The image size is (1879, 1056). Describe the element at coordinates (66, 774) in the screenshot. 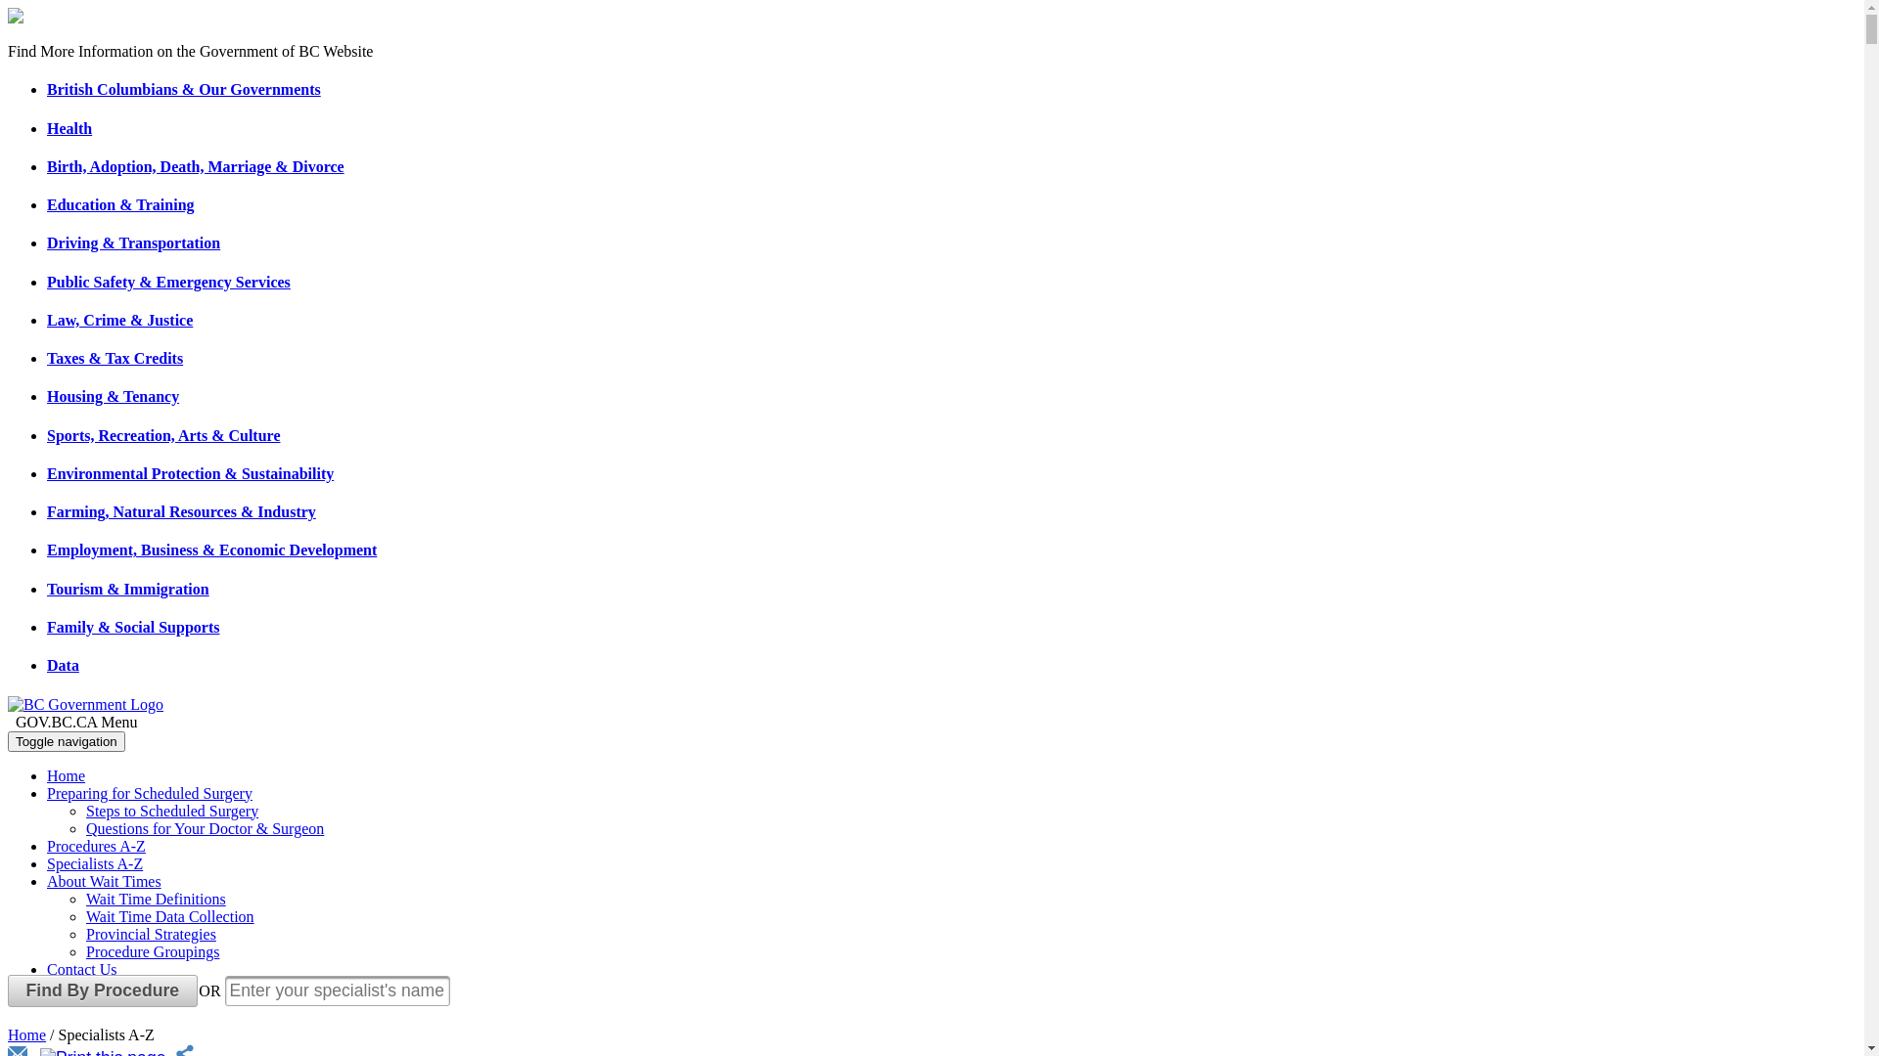

I see `'Home'` at that location.